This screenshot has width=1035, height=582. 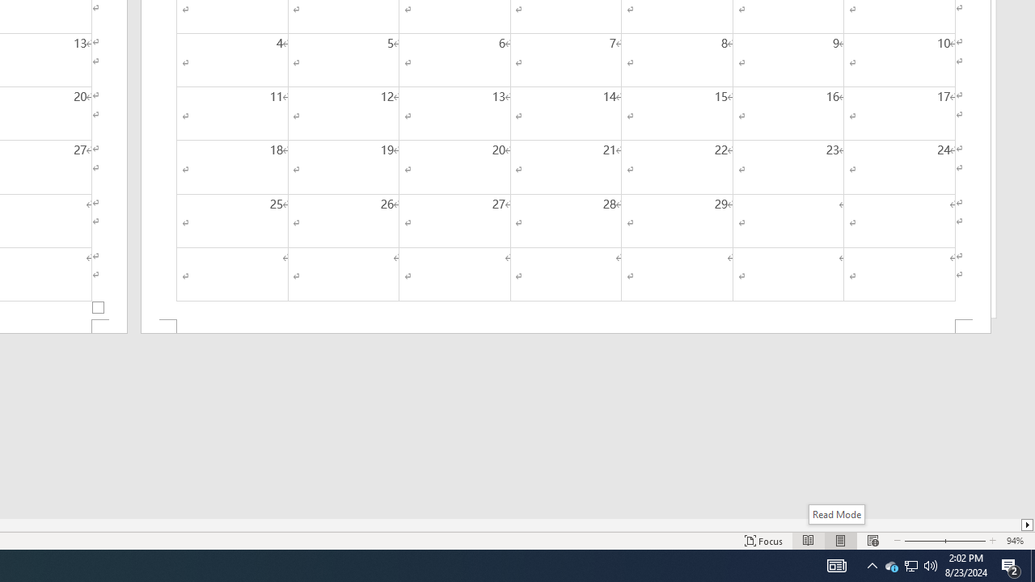 What do you see at coordinates (566, 327) in the screenshot?
I see `'Footer -Section 2-'` at bounding box center [566, 327].